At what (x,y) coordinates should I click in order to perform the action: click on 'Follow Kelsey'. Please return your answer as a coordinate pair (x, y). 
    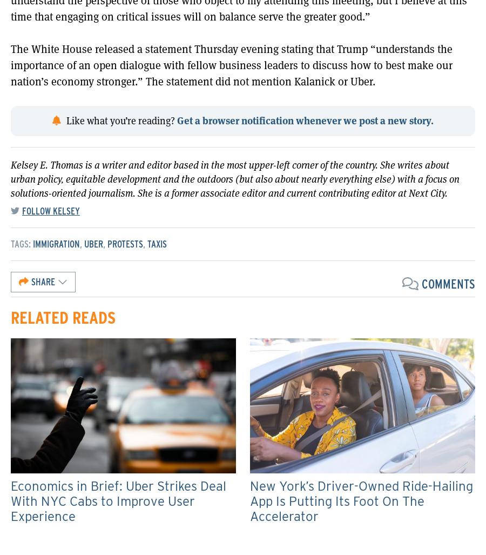
    Looking at the image, I should click on (50, 211).